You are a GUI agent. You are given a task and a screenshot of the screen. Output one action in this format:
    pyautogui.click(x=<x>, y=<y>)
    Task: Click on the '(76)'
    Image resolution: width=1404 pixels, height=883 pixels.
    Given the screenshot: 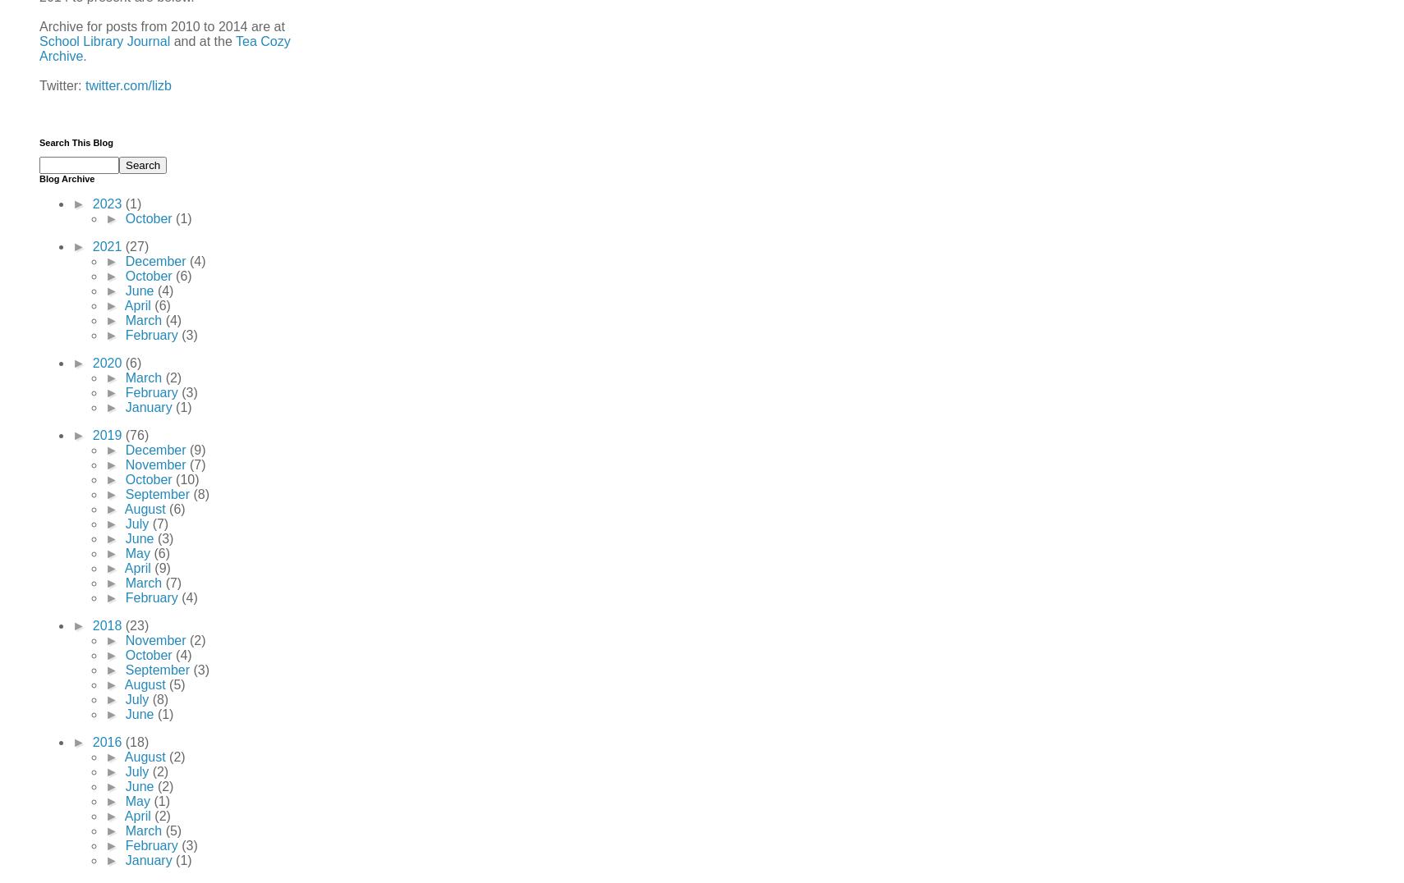 What is the action you would take?
    pyautogui.click(x=136, y=434)
    